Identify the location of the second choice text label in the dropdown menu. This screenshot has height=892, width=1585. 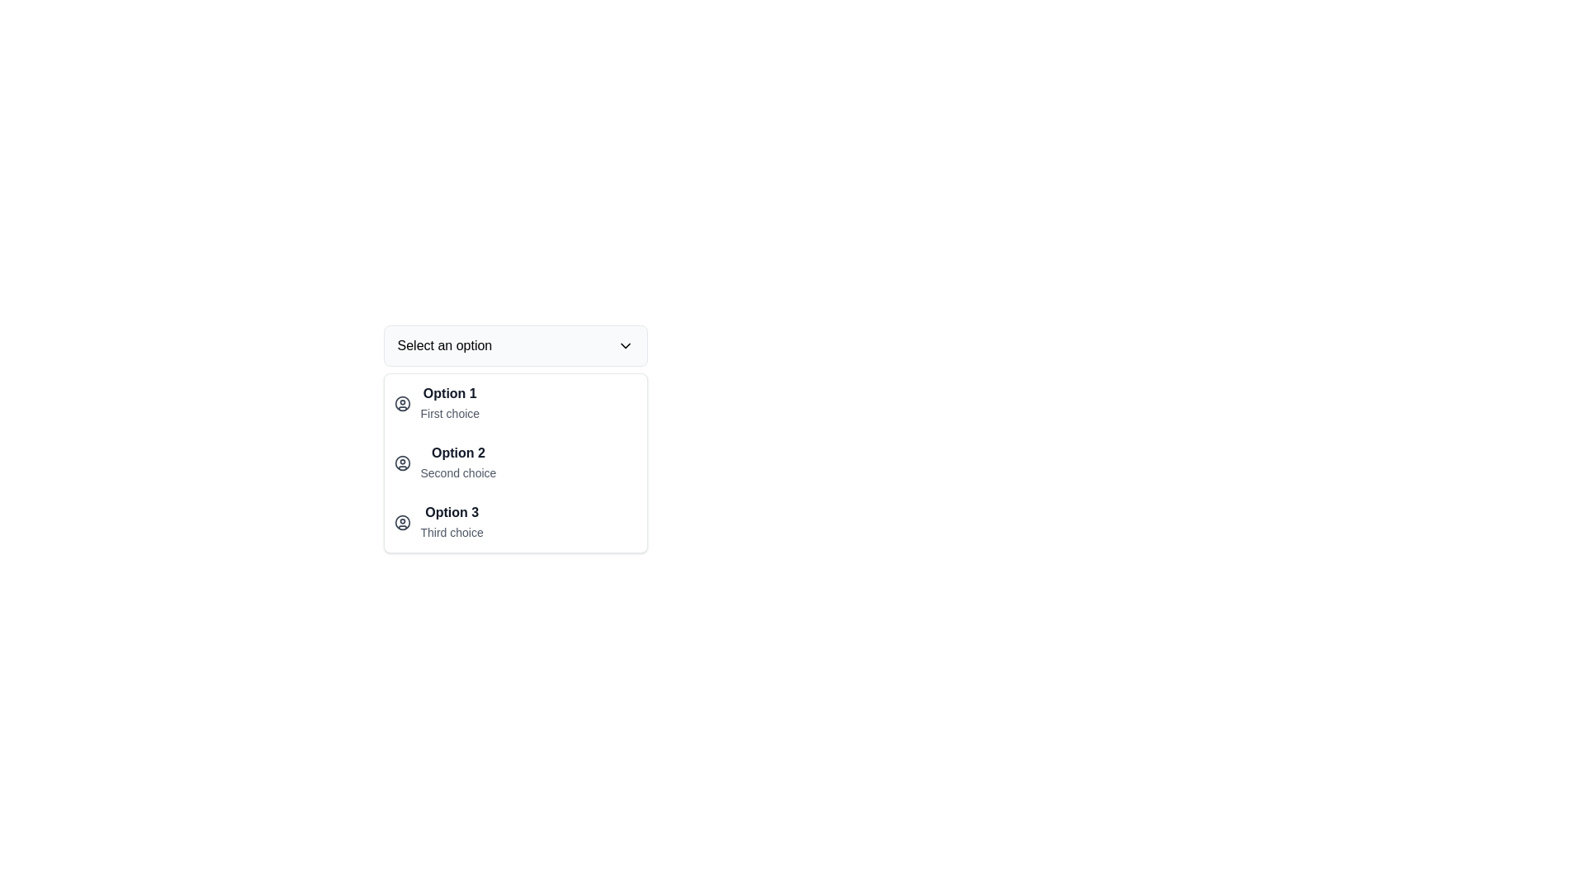
(458, 453).